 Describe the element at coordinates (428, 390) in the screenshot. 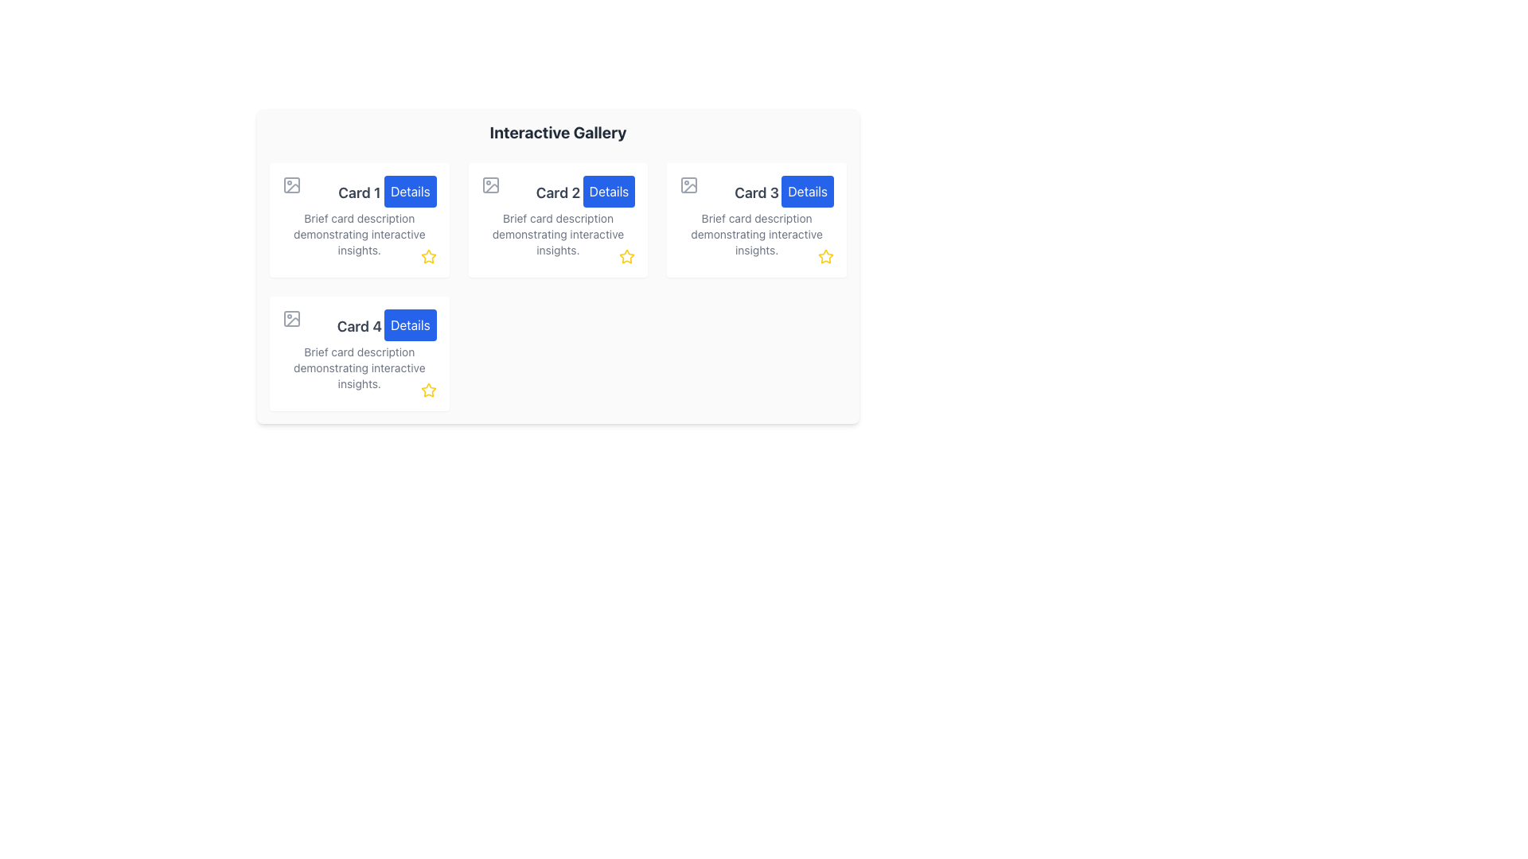

I see `the Star Icon located at the bottom-right corner of the 'Card 4' card, which serves as an interactive component to mark the card as notable or a favorite` at that location.